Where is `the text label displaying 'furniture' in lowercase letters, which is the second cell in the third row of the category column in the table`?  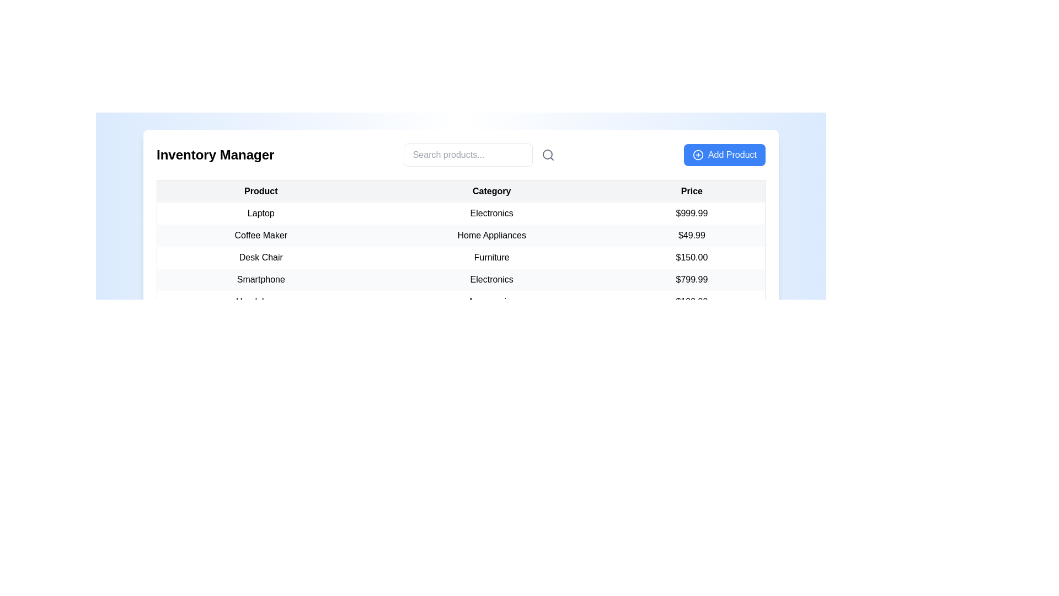
the text label displaying 'furniture' in lowercase letters, which is the second cell in the third row of the category column in the table is located at coordinates (491, 257).